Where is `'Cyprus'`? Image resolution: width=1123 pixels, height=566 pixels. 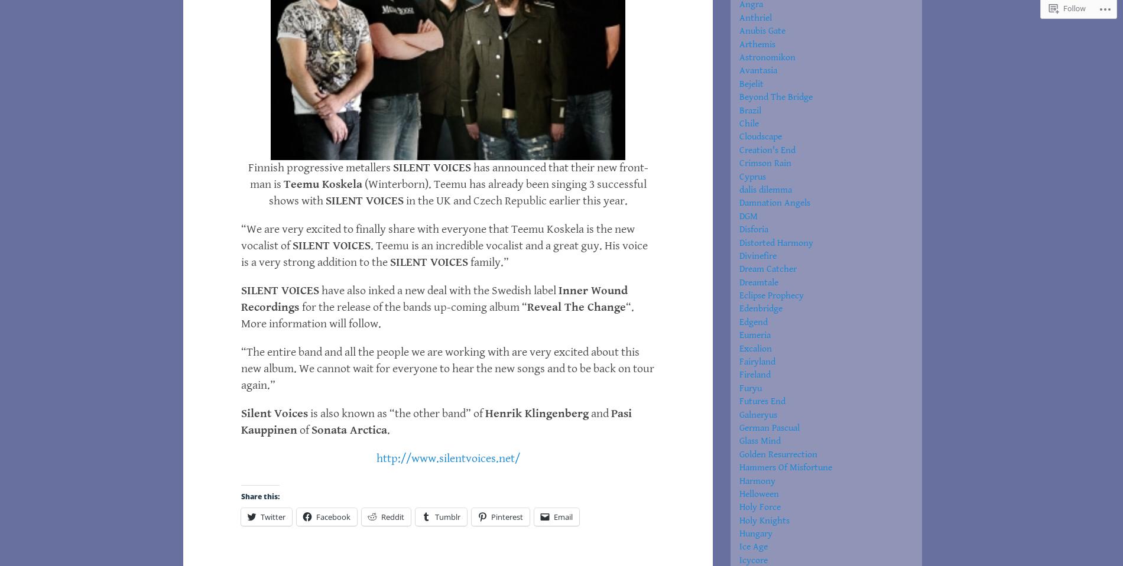 'Cyprus' is located at coordinates (752, 176).